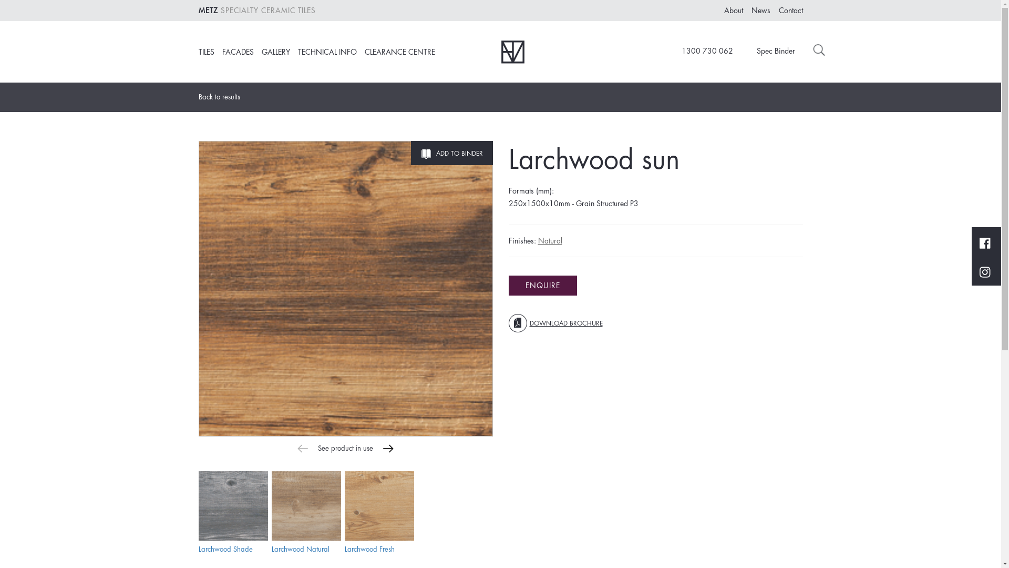  Describe the element at coordinates (701, 50) in the screenshot. I see `'1300 730 062'` at that location.